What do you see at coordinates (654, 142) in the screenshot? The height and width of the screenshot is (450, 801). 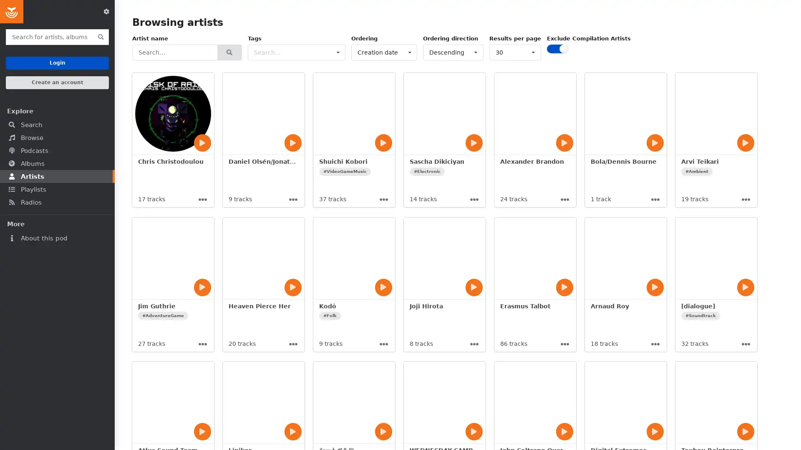 I see `Play artist` at bounding box center [654, 142].